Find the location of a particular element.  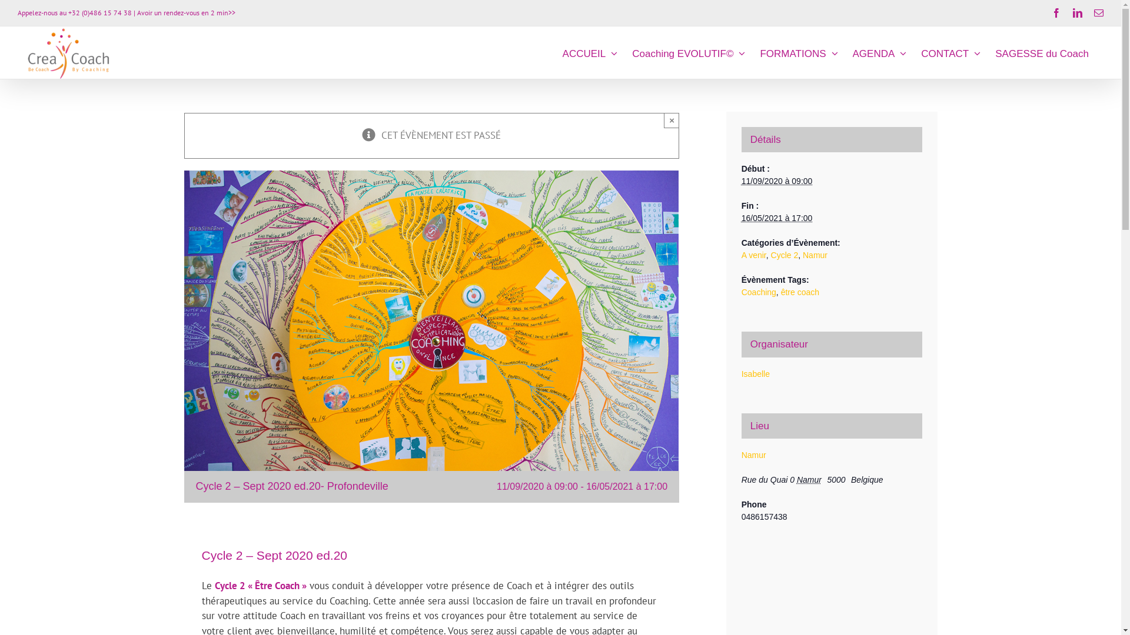

'CONTACT' is located at coordinates (950, 52).